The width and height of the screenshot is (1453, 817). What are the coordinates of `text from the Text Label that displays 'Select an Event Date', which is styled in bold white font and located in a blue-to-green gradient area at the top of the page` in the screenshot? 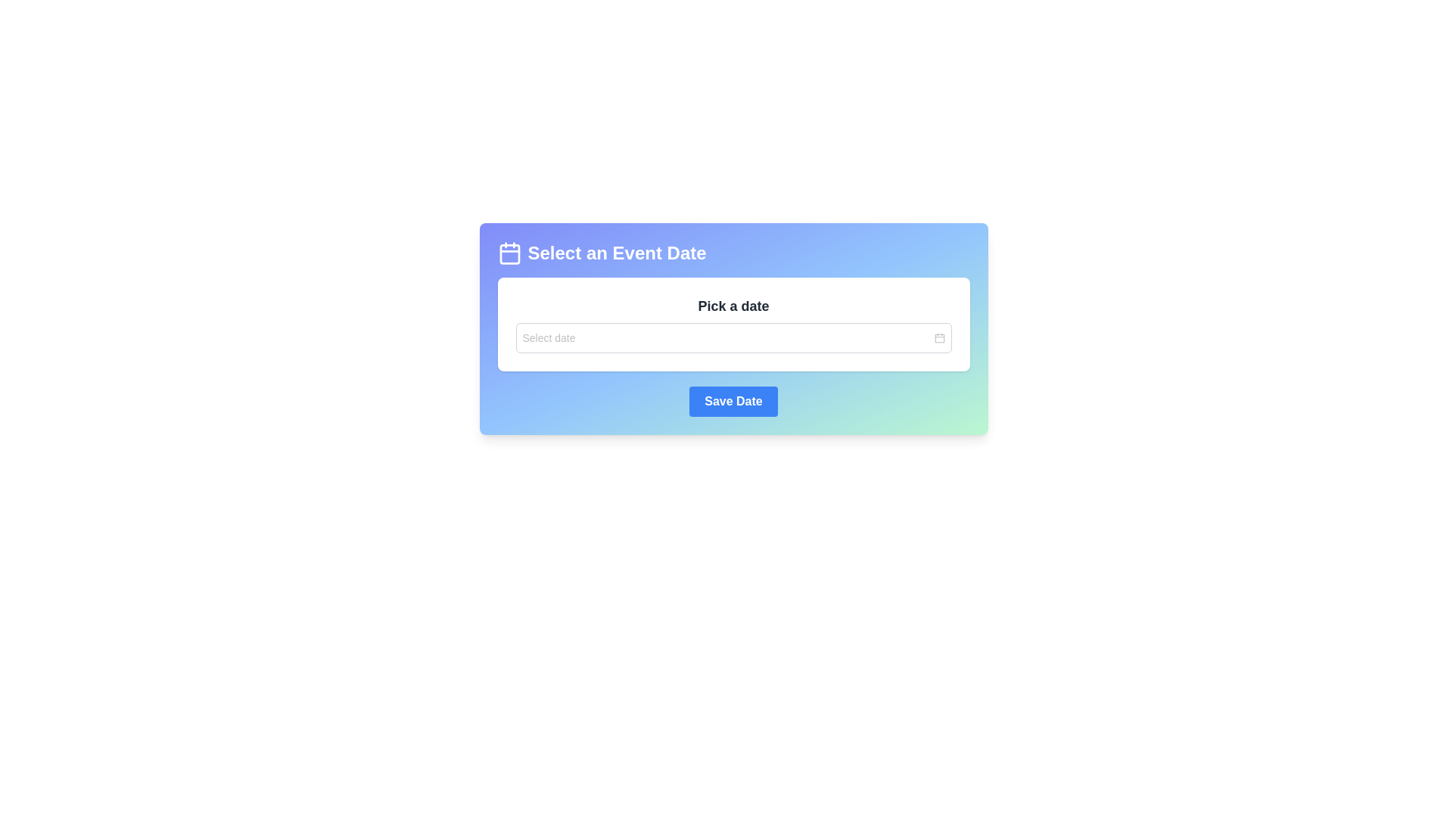 It's located at (617, 253).